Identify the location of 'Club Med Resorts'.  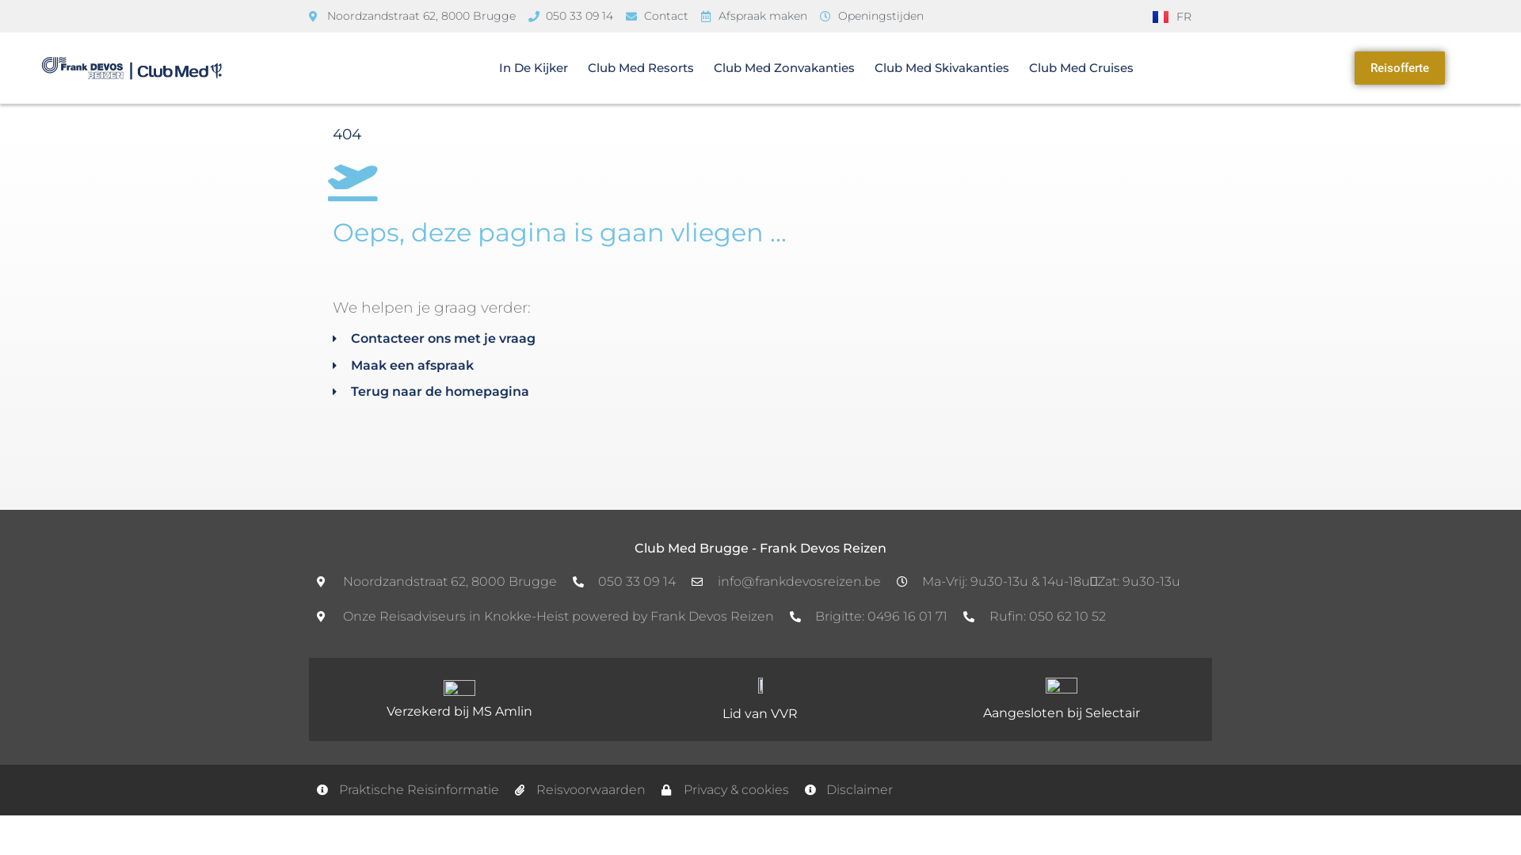
(641, 66).